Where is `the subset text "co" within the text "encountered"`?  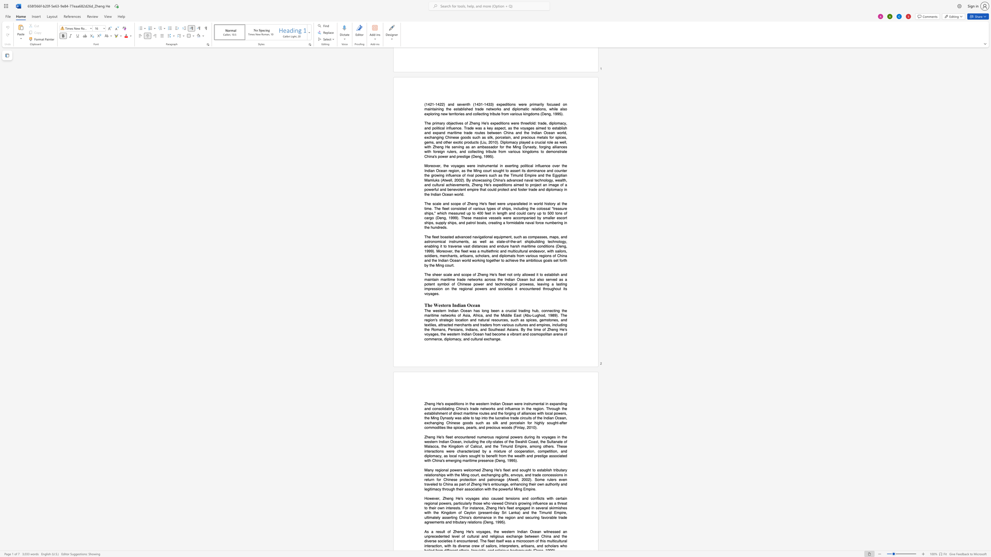 the subset text "co" within the text "encountered" is located at coordinates (460, 541).